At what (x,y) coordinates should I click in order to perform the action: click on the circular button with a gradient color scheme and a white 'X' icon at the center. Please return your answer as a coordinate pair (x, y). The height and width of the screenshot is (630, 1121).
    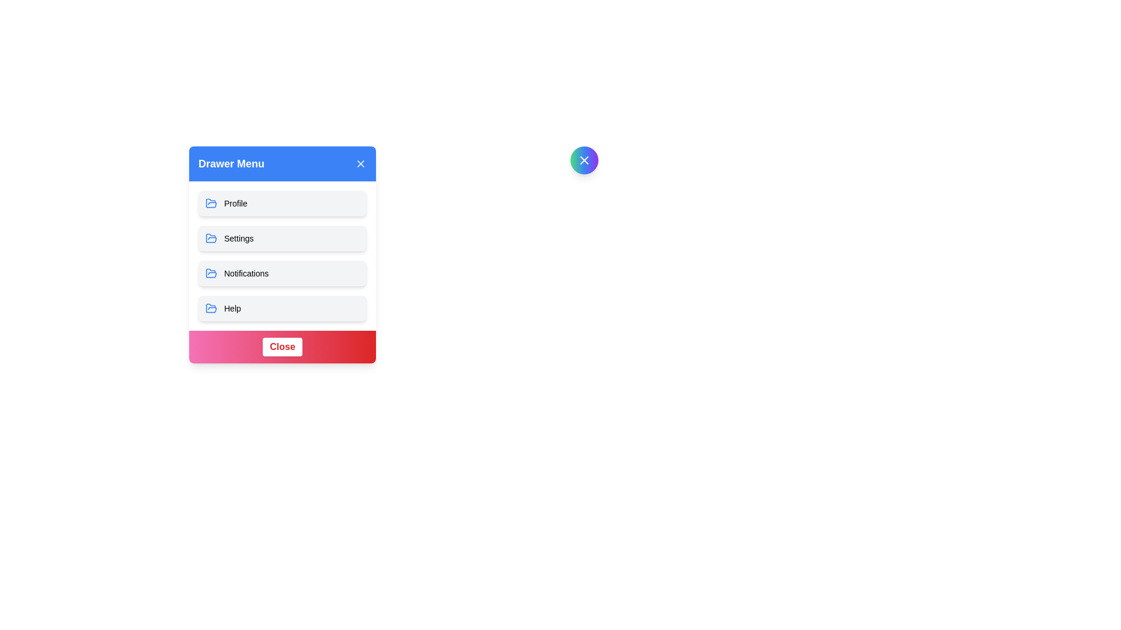
    Looking at the image, I should click on (584, 160).